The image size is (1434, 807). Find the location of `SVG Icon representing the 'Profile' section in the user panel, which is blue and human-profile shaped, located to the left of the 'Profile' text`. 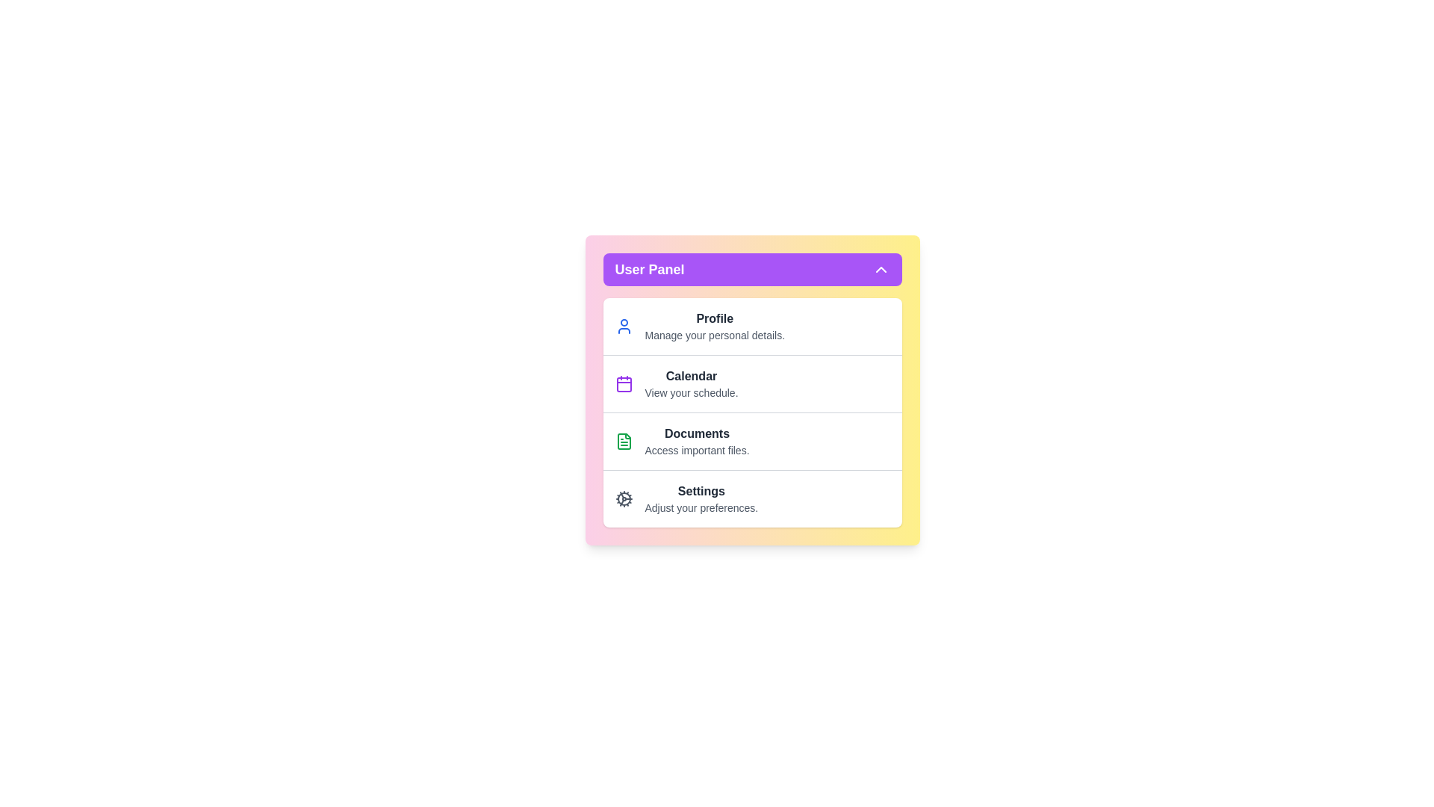

SVG Icon representing the 'Profile' section in the user panel, which is blue and human-profile shaped, located to the left of the 'Profile' text is located at coordinates (624, 325).